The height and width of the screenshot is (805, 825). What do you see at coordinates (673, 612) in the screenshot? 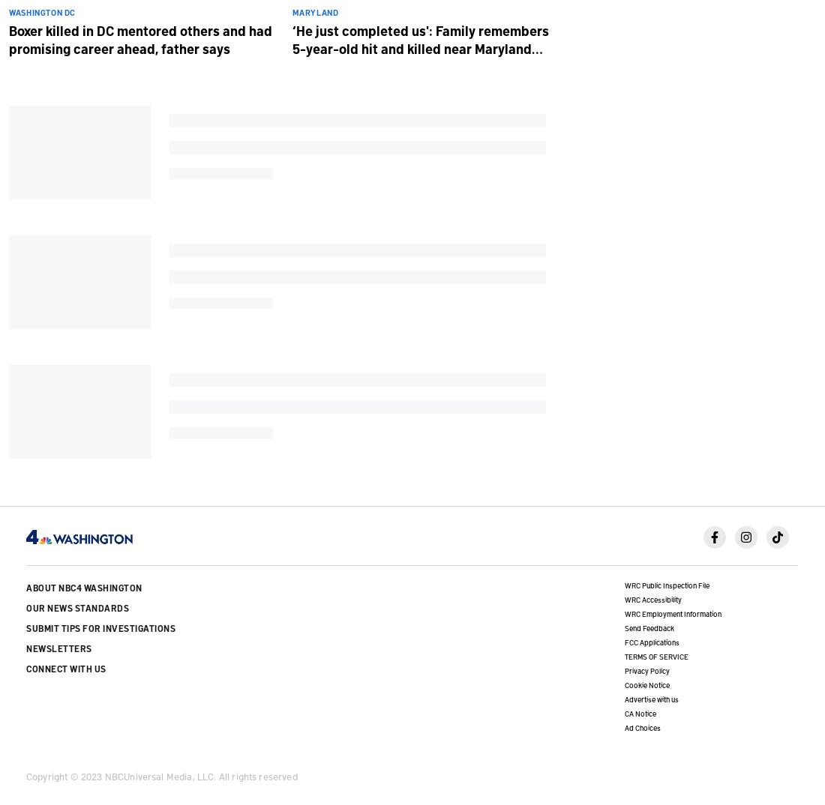
I see `'WRC Employment Information'` at bounding box center [673, 612].